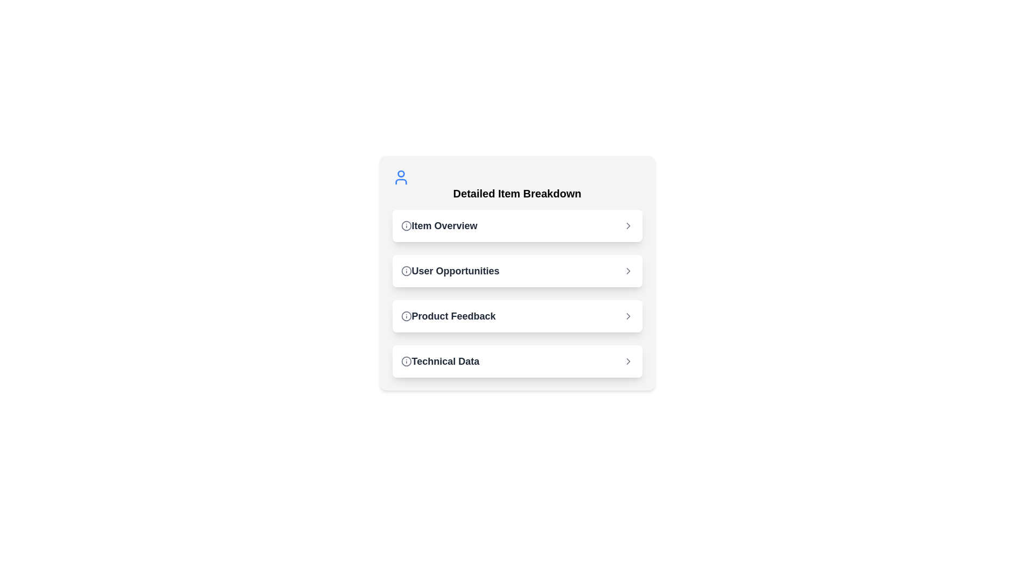 The image size is (1034, 581). Describe the element at coordinates (628, 271) in the screenshot. I see `the right-pointing chevron icon with a fine gray outline next to the 'User Opportunities' list item` at that location.